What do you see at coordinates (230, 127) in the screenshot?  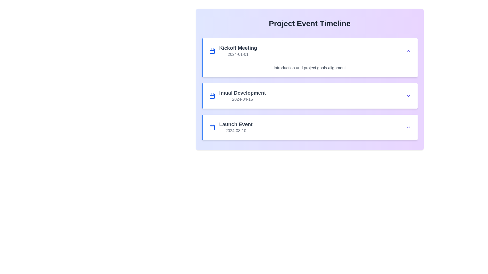 I see `the 'Launch Event' list item, which displays a calendar icon on the left, the title in bold, and the date below it` at bounding box center [230, 127].